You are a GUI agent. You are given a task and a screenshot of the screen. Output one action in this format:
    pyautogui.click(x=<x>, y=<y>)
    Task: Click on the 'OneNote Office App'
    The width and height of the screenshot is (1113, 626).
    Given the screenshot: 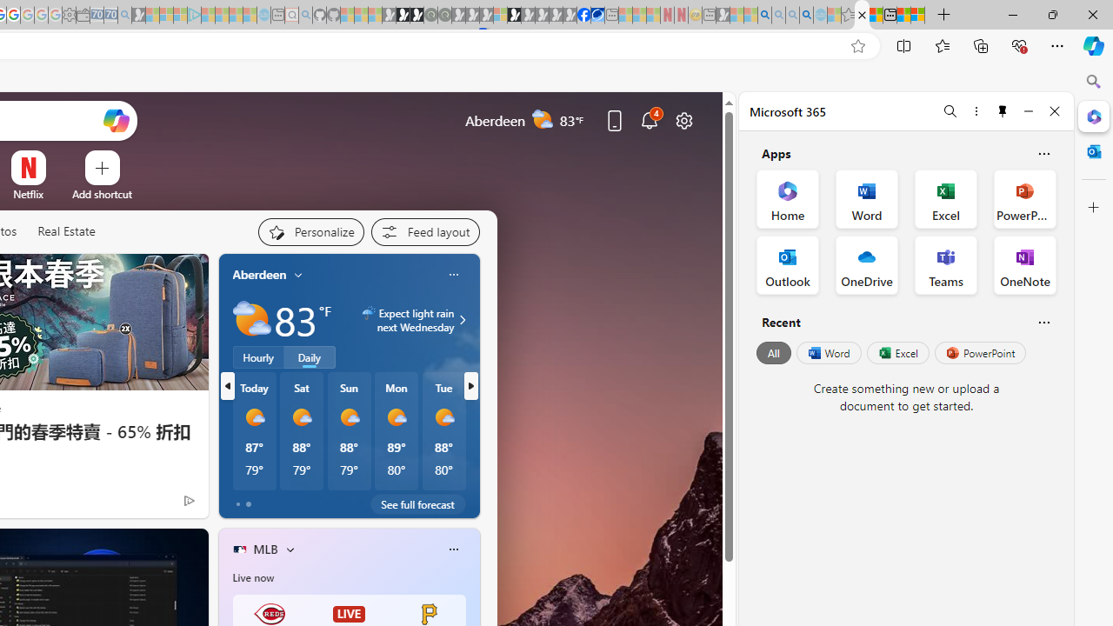 What is the action you would take?
    pyautogui.click(x=1024, y=264)
    